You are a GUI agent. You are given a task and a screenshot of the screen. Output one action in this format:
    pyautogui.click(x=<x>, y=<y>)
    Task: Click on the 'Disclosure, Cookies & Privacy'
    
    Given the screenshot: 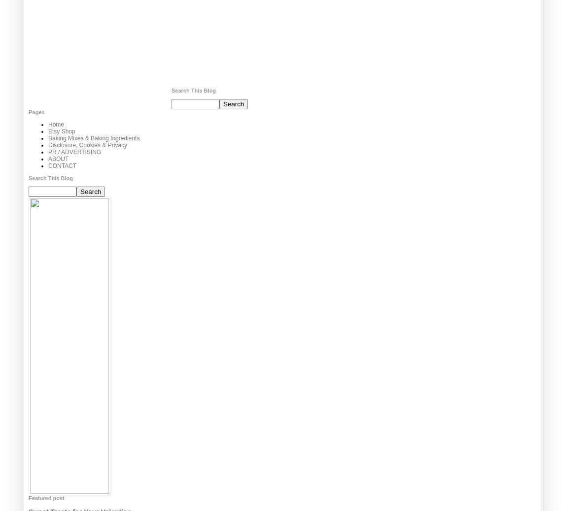 What is the action you would take?
    pyautogui.click(x=87, y=145)
    